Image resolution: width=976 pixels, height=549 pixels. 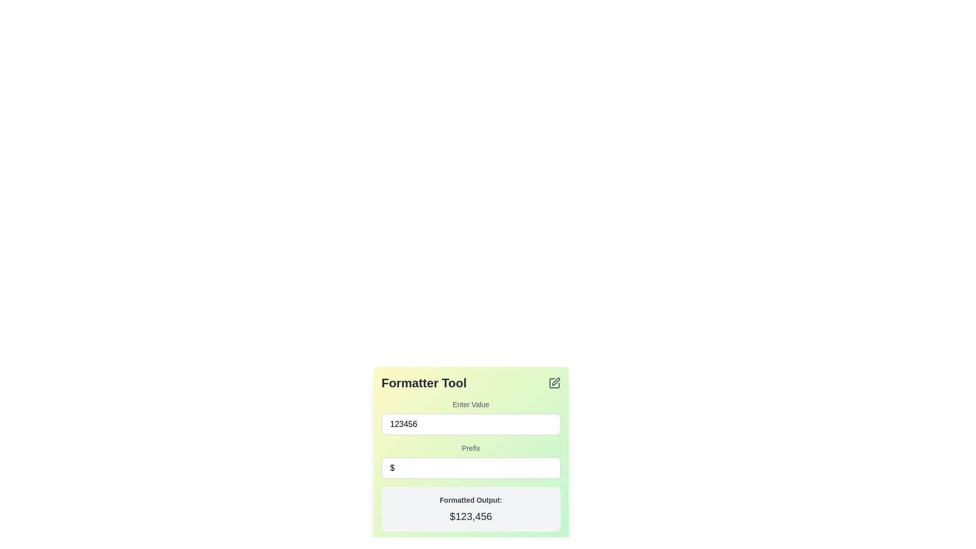 I want to click on the text label reading 'Enter Value' which is styled with a small font size and medium weight, located above the numeric input field displaying '123456', so click(x=470, y=404).